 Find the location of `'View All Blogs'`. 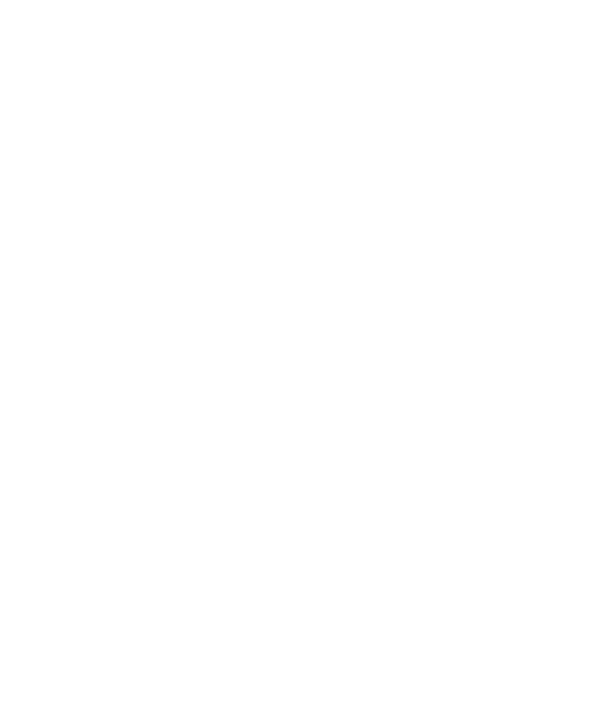

'View All Blogs' is located at coordinates (473, 307).